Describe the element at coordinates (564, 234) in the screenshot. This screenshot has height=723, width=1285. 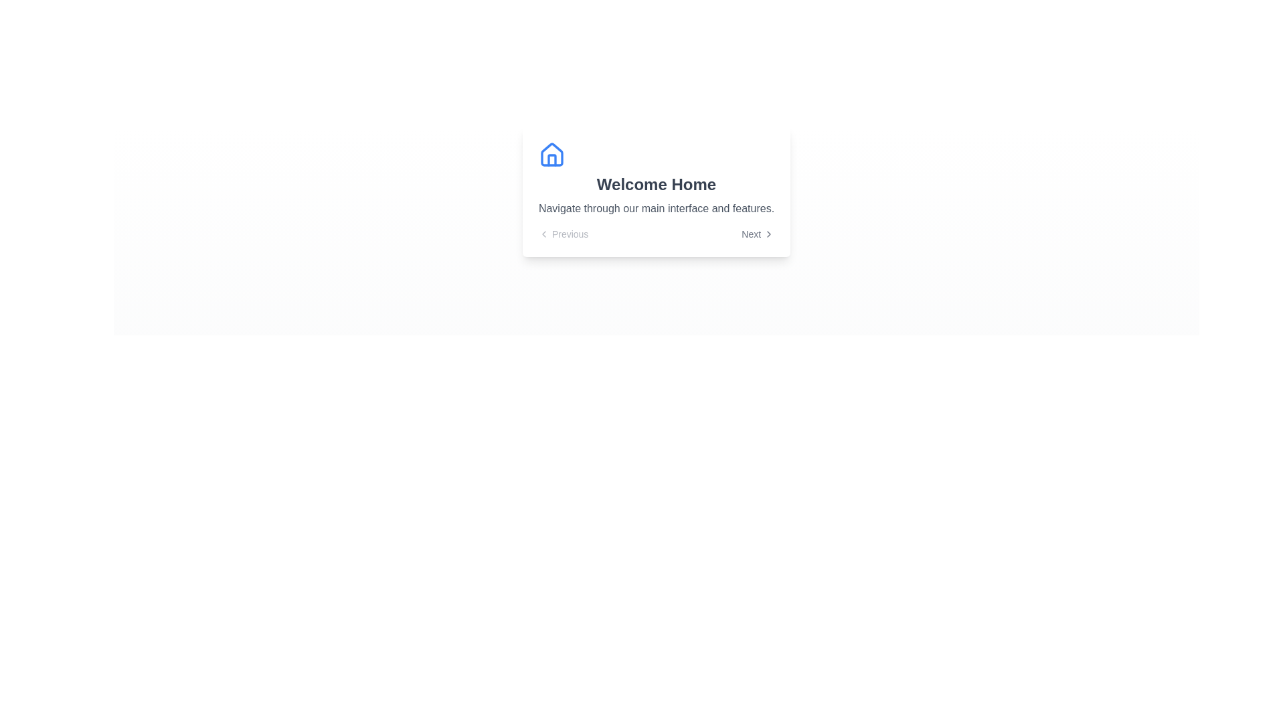
I see `the 'Previous' button, which features a left-pointing arrow and small gray text` at that location.